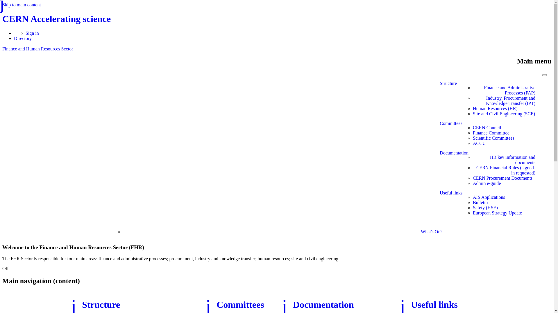 The height and width of the screenshot is (313, 558). I want to click on 'Structure', so click(448, 100).